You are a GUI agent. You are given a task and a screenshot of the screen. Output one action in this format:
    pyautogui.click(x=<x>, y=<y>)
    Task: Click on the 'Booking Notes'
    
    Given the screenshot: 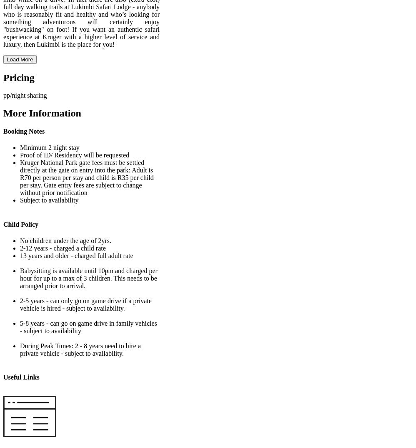 What is the action you would take?
    pyautogui.click(x=23, y=131)
    